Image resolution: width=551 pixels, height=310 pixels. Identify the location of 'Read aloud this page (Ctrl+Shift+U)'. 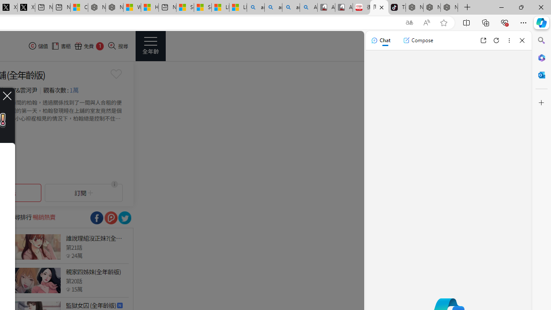
(427, 22).